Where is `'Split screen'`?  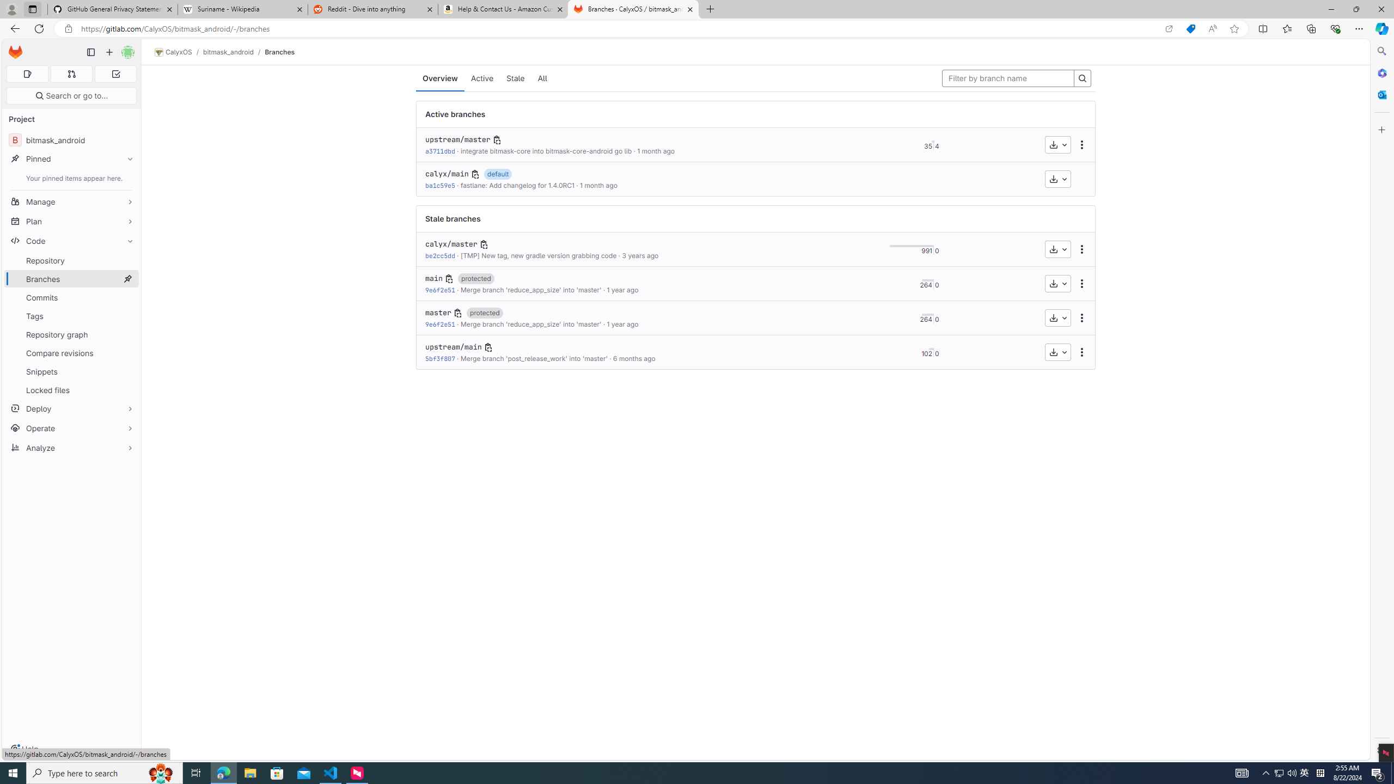
'Split screen' is located at coordinates (1263, 28).